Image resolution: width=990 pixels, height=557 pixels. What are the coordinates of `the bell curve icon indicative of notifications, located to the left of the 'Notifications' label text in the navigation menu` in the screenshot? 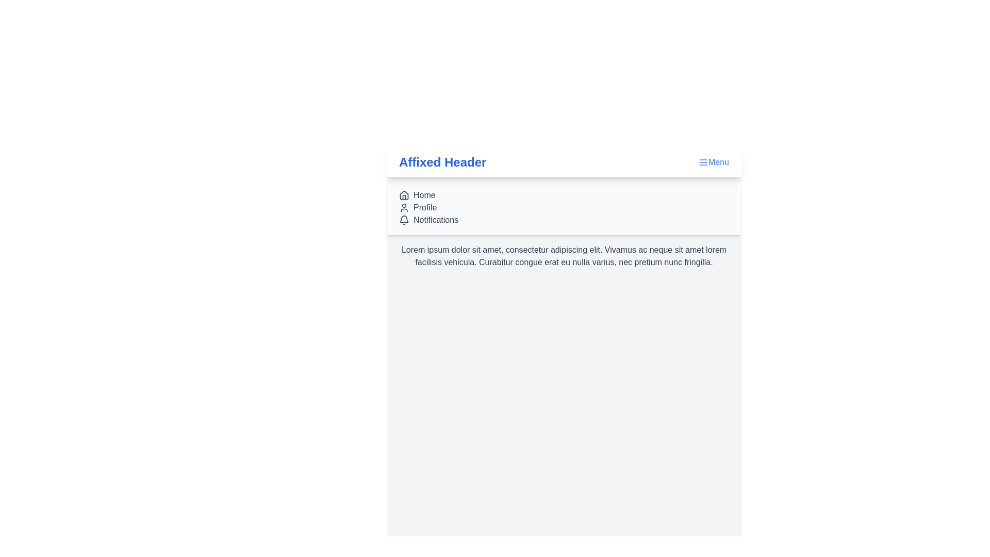 It's located at (403, 218).